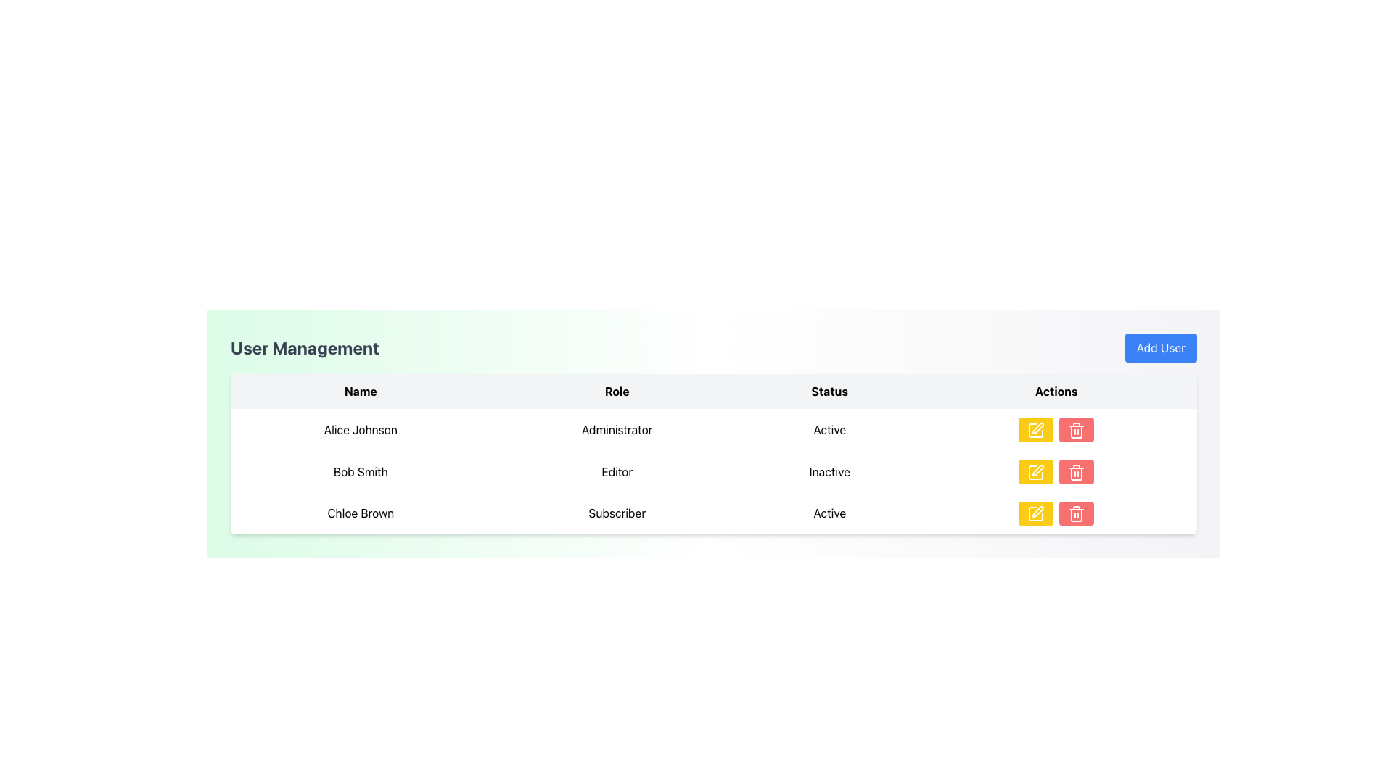 Image resolution: width=1393 pixels, height=783 pixels. I want to click on the 'User Management' text label, which is styled in bold and large font with a gray hue, located at the top-left corner of the header bar, so click(304, 347).